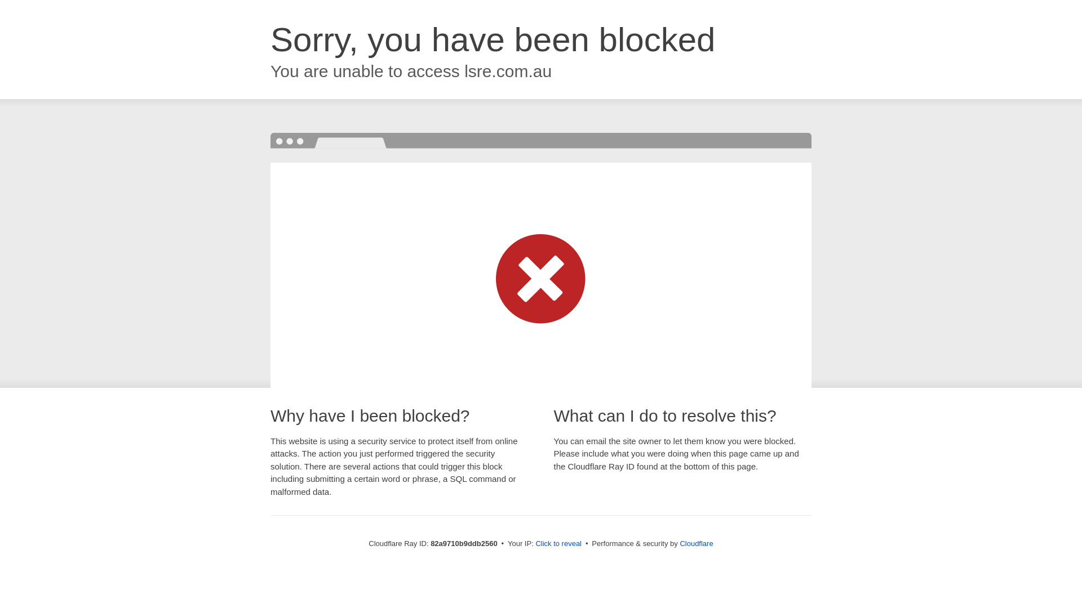 The width and height of the screenshot is (1082, 608). Describe the element at coordinates (558, 543) in the screenshot. I see `'Click to reveal'` at that location.